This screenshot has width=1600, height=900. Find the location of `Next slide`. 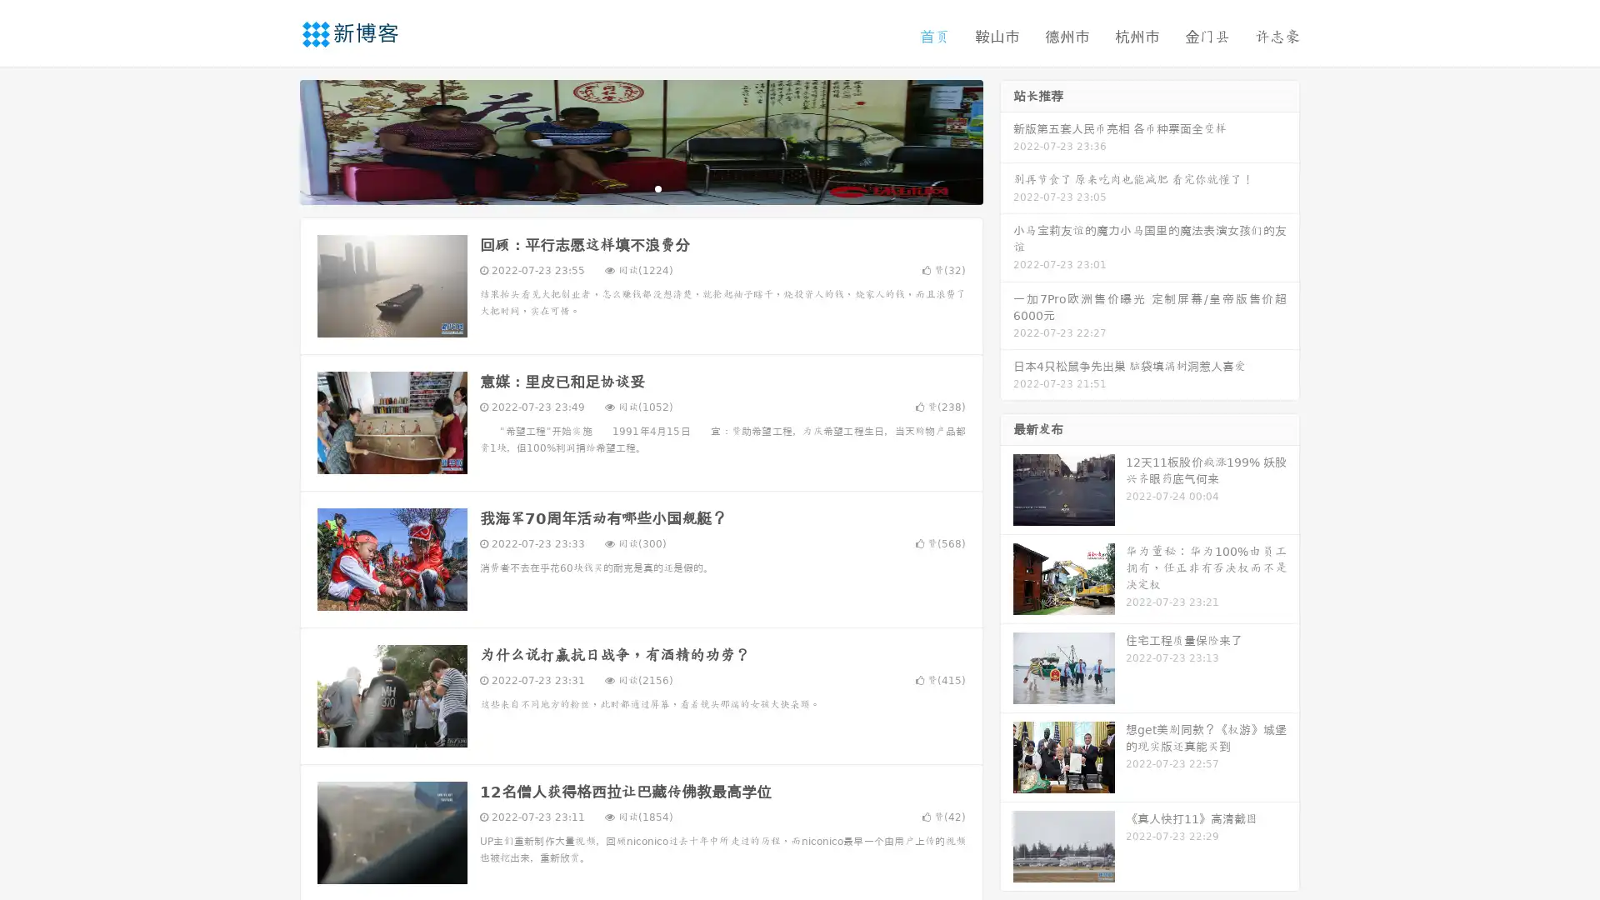

Next slide is located at coordinates (1007, 140).